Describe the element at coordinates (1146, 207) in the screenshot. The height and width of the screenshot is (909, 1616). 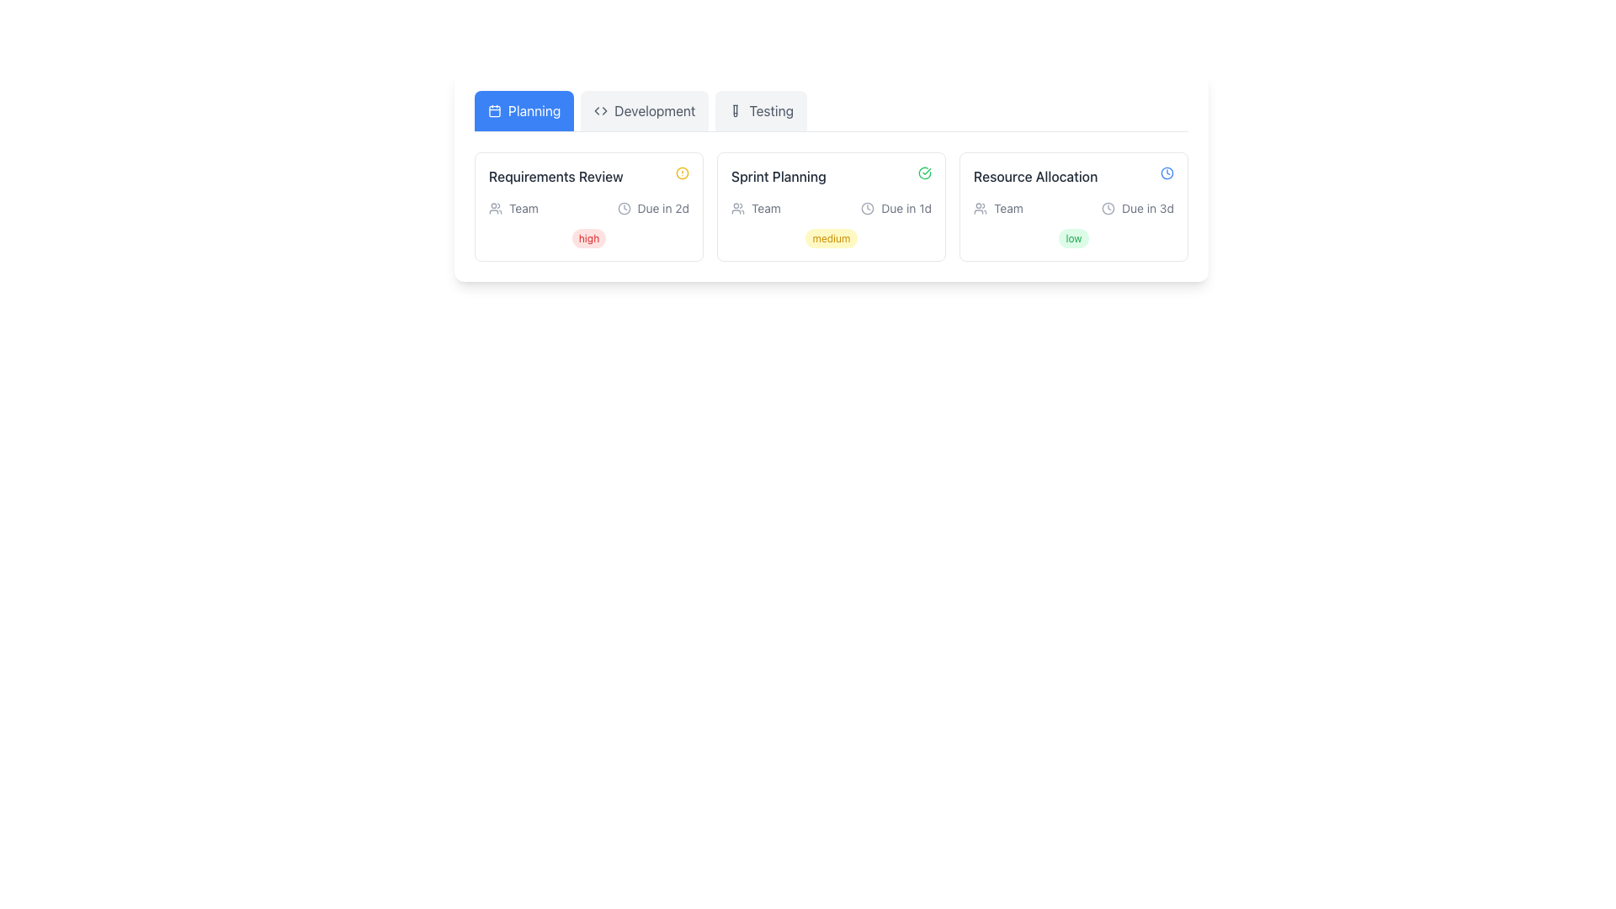
I see `the static text label that displays deadline information indicating that the associated task is due in 3 days, located to the right of a circular clock icon in the 'Resource Allocation' section of the Planning tab` at that location.